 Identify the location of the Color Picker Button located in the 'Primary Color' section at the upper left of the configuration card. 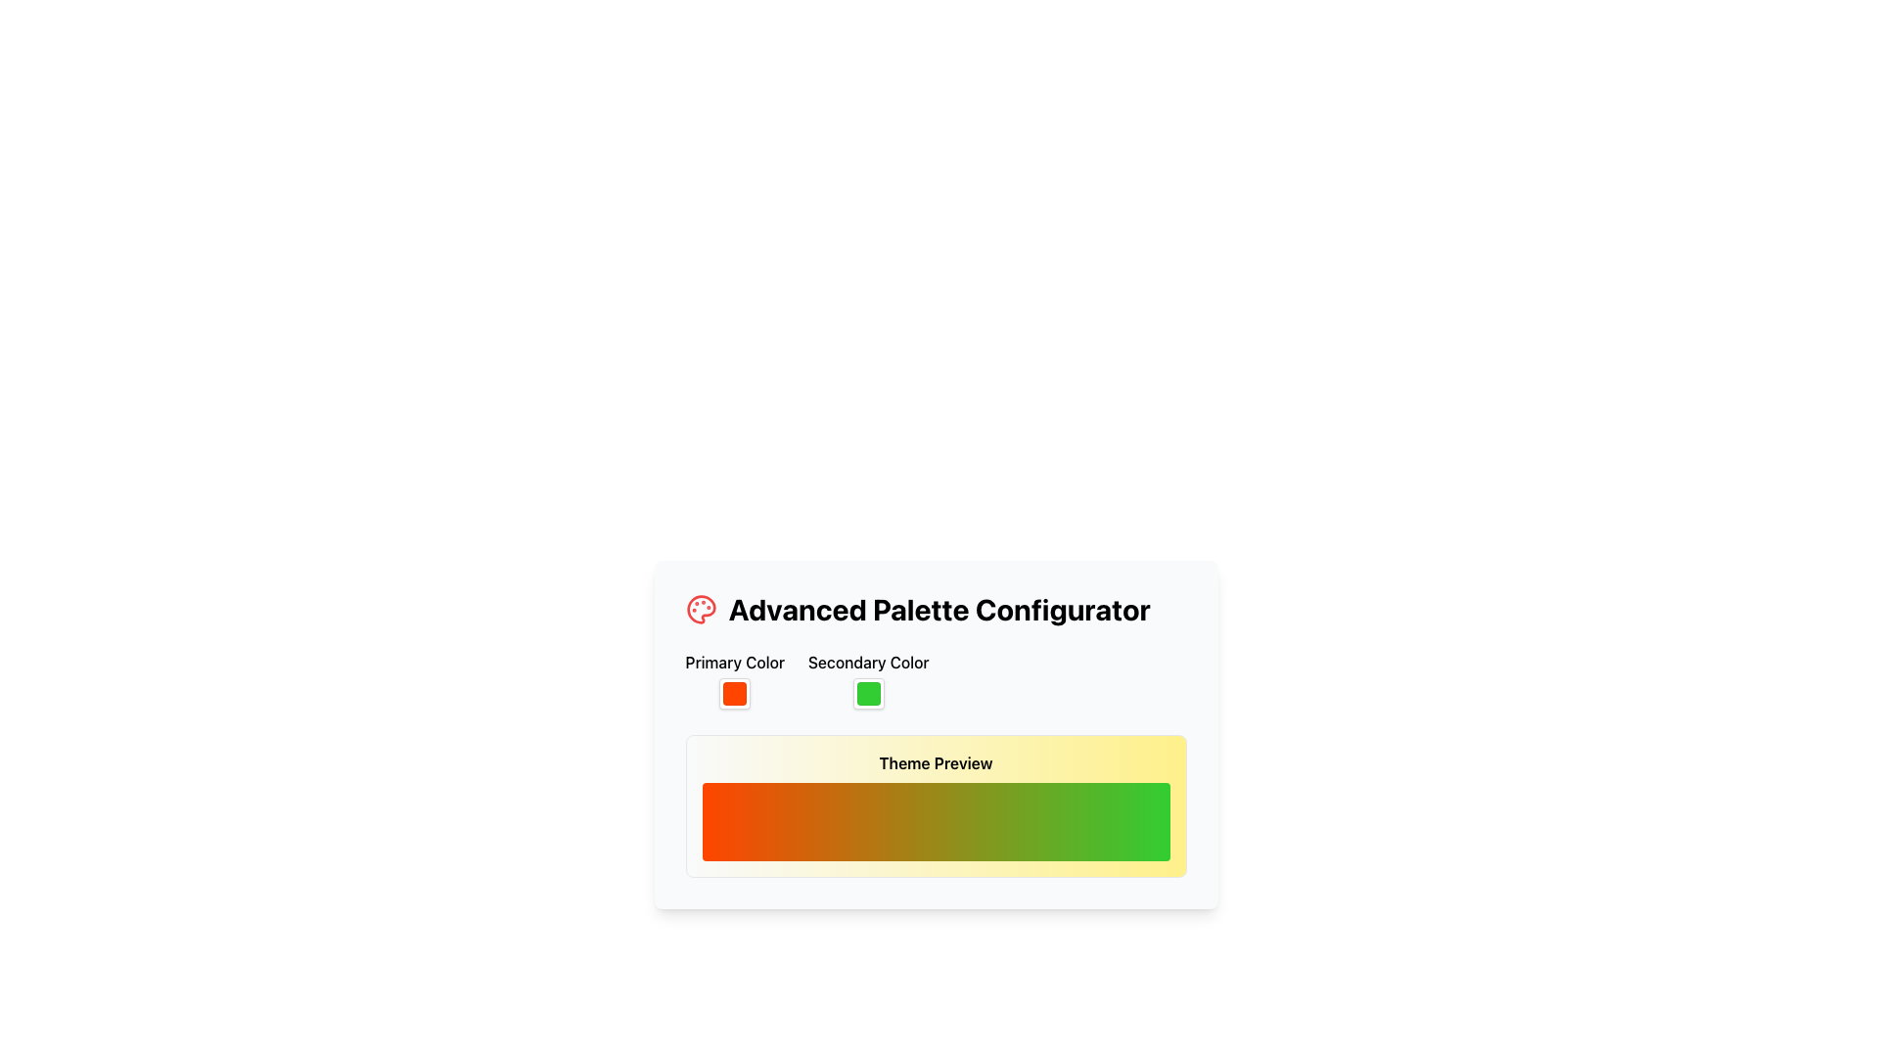
(734, 693).